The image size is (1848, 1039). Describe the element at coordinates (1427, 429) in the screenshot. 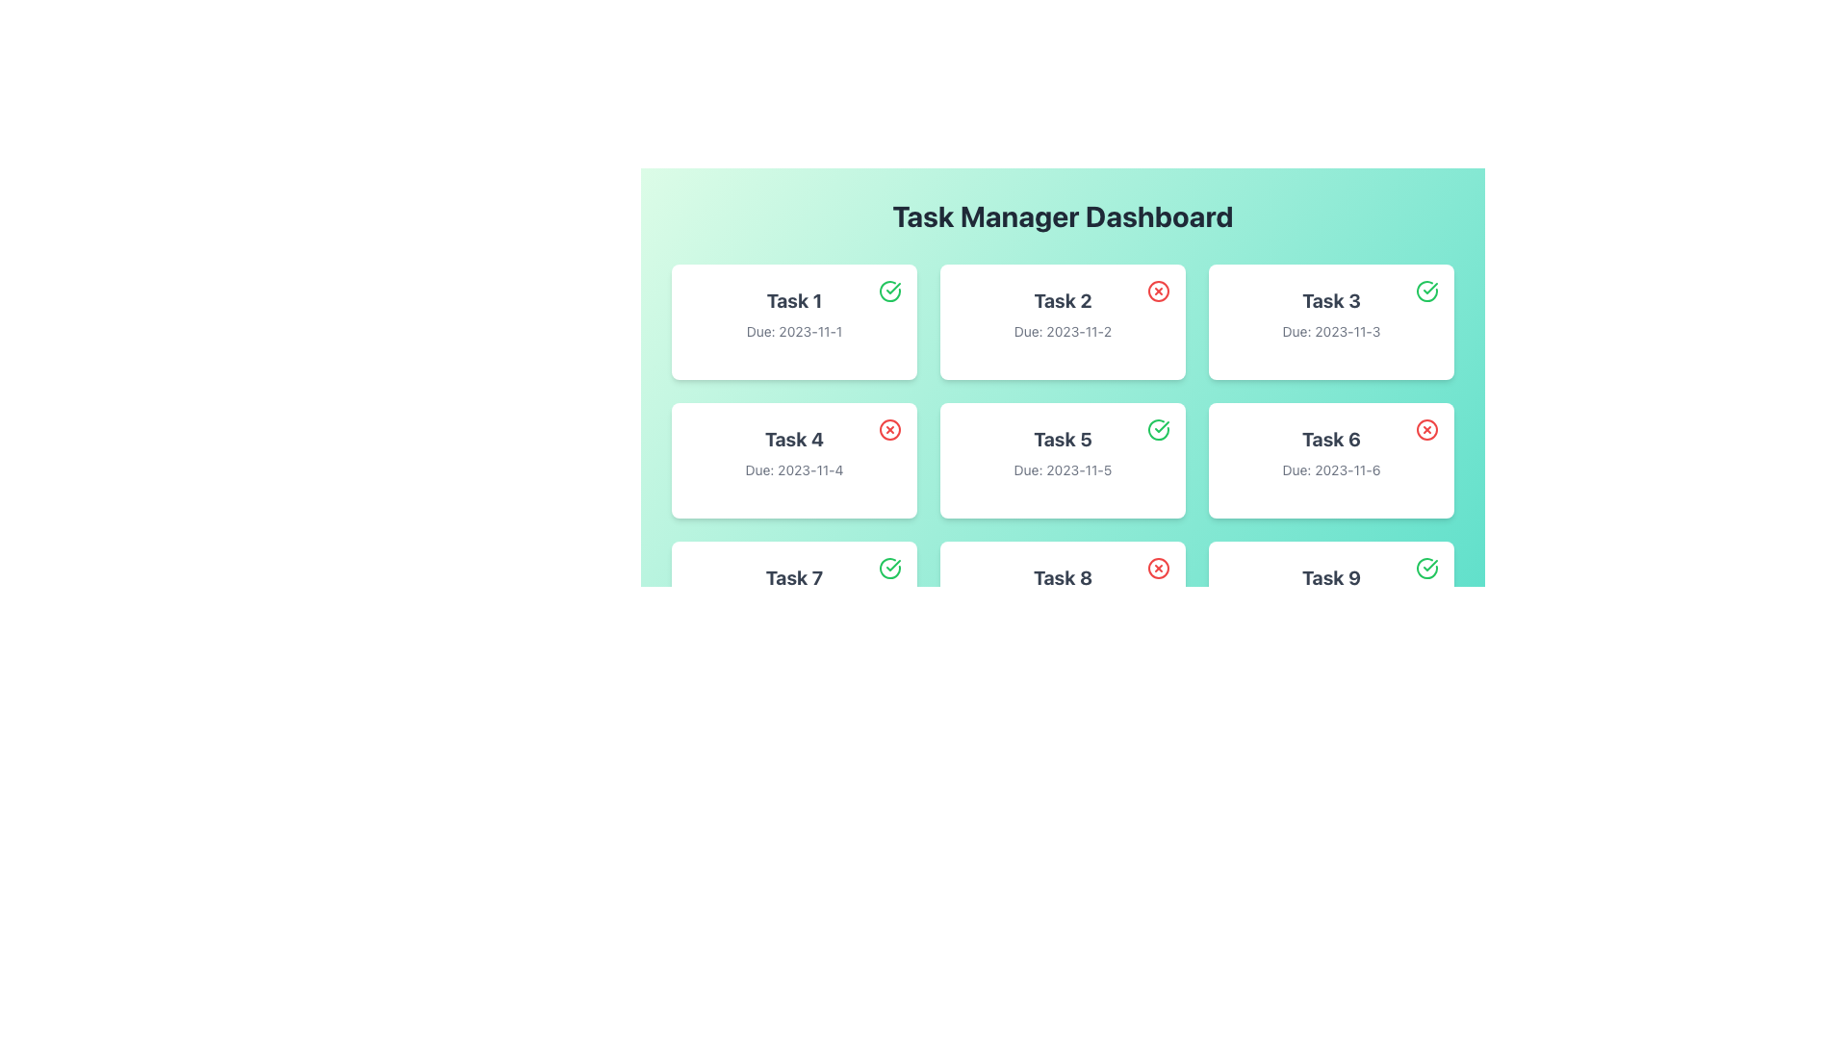

I see `the circular red outlined button with an 'X' symbol located in the top-right corner of the 'Task 6' card` at that location.